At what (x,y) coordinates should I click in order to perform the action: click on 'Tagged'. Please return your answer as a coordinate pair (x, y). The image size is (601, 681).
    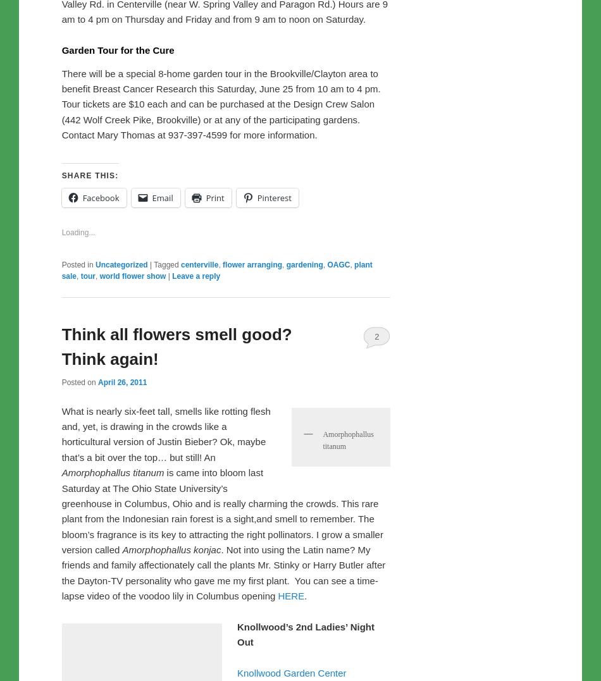
    Looking at the image, I should click on (153, 529).